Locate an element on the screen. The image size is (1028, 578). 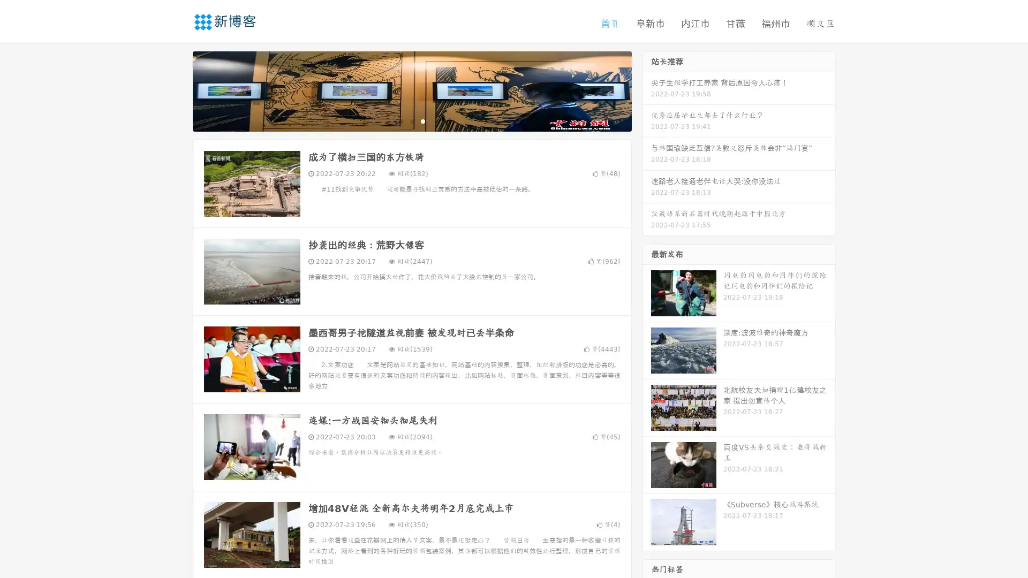
Go to slide 3 is located at coordinates (422, 120).